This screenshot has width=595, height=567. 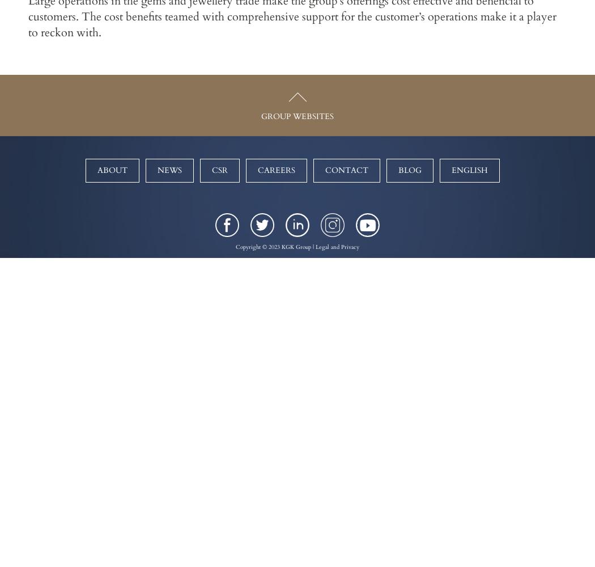 I want to click on 'error:', so click(x=295, y=5).